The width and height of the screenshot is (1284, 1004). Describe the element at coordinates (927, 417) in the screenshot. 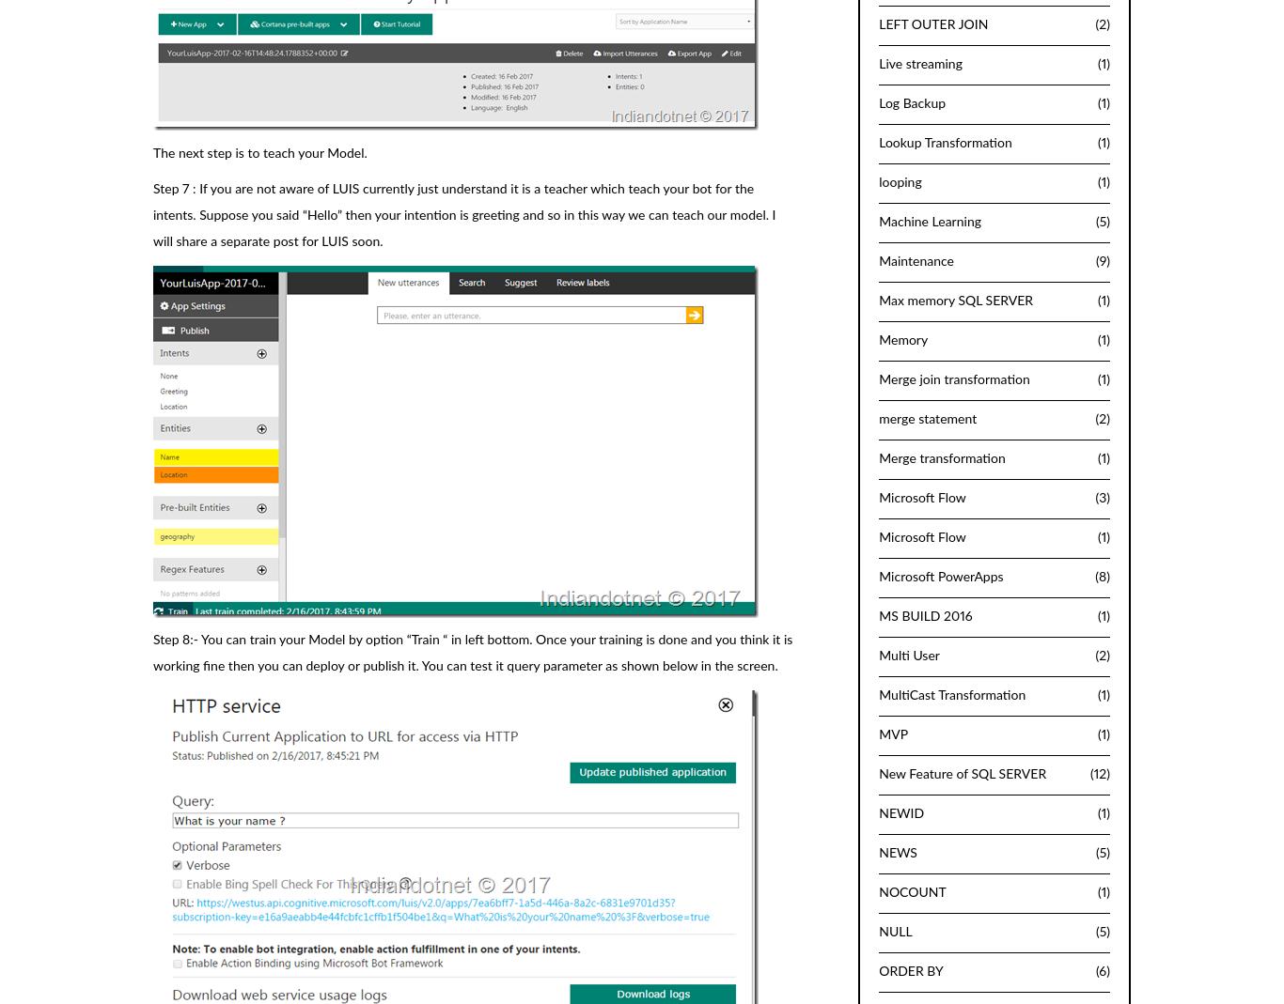

I see `'merge statement'` at that location.